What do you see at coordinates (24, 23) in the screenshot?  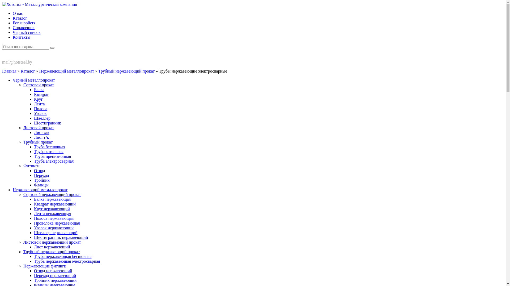 I see `'For suppliers'` at bounding box center [24, 23].